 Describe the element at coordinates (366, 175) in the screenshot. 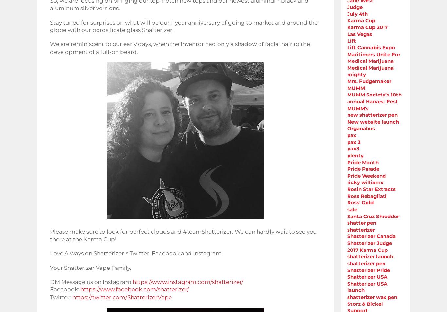

I see `'Pride Weekend'` at that location.